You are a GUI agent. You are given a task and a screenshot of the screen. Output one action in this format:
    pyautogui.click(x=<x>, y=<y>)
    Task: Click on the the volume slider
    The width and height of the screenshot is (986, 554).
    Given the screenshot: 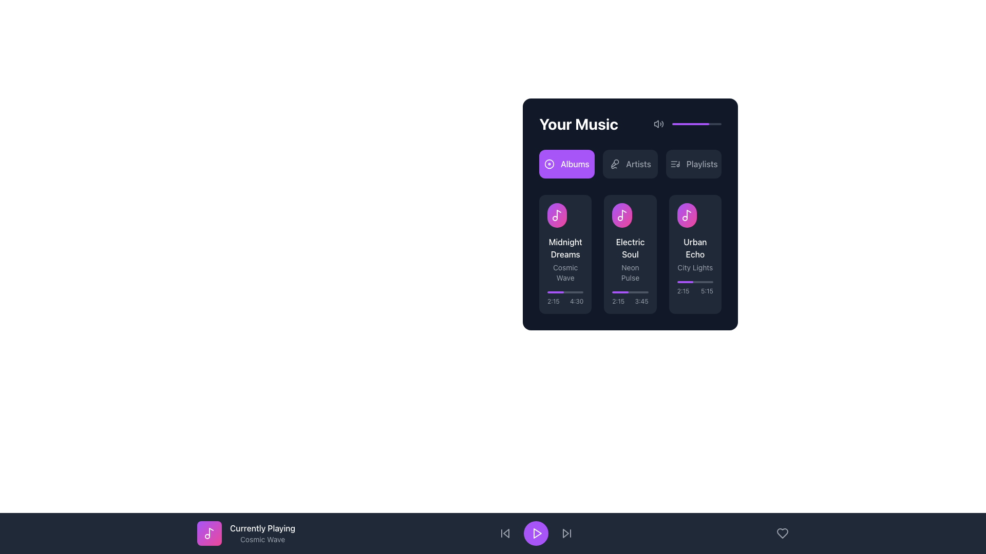 What is the action you would take?
    pyautogui.click(x=711, y=124)
    